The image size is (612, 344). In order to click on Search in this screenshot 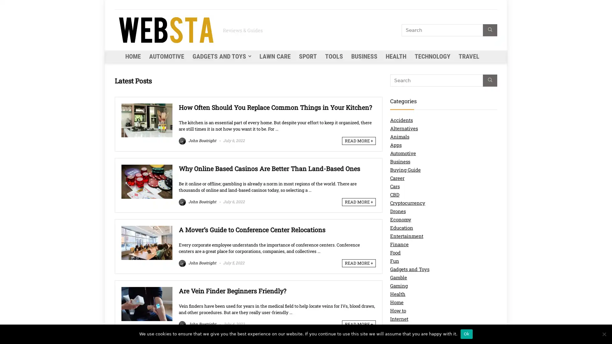, I will do `click(490, 30)`.